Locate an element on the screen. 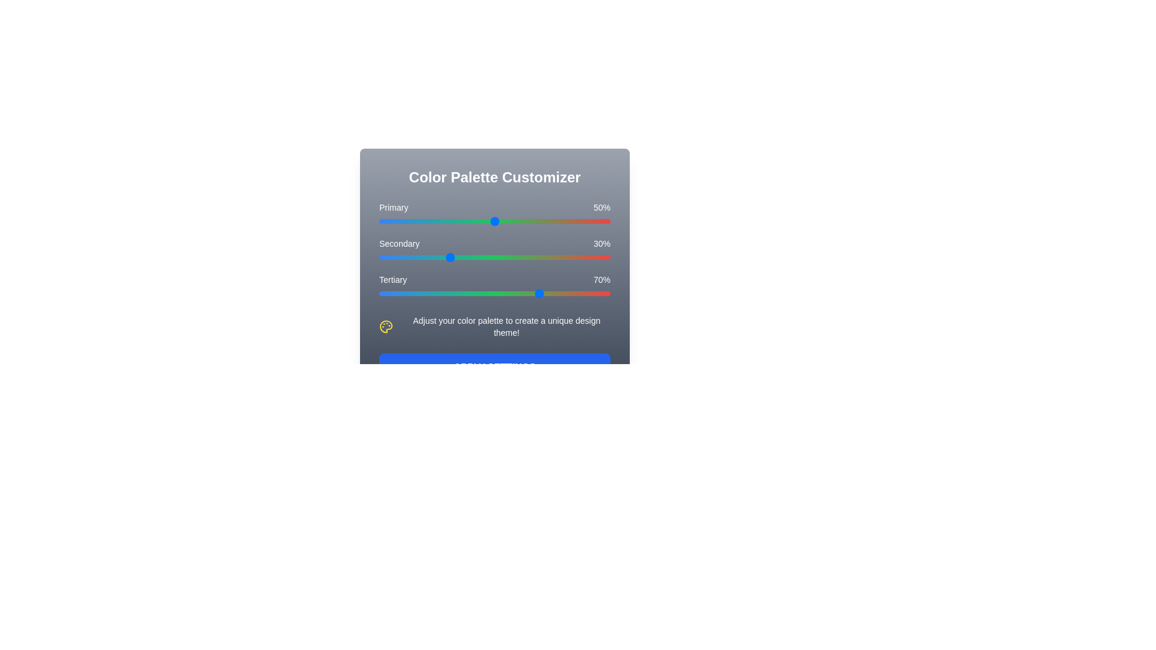 This screenshot has width=1156, height=650. the 'Secondary' text label, which is styled with capitalization and located next to a slider and a percentage value '30%' on a gradient background is located at coordinates (399, 244).